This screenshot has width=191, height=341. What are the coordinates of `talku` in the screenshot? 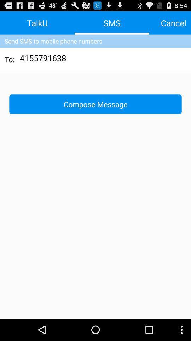 It's located at (37, 23).